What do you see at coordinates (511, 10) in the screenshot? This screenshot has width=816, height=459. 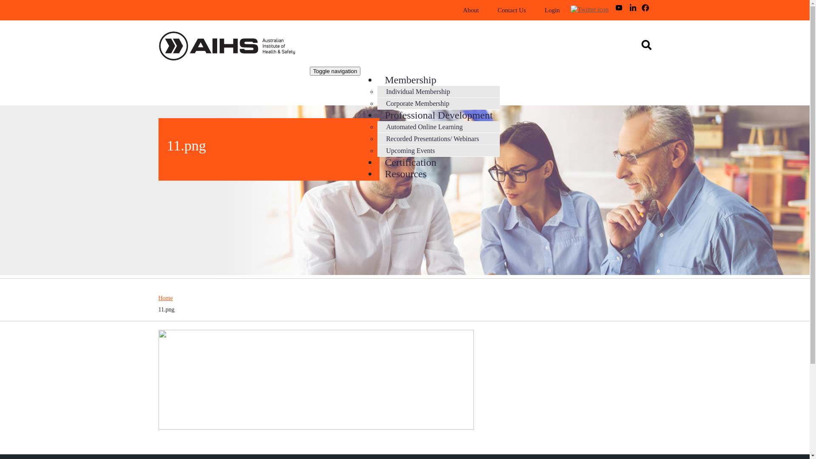 I see `'Contact Us'` at bounding box center [511, 10].